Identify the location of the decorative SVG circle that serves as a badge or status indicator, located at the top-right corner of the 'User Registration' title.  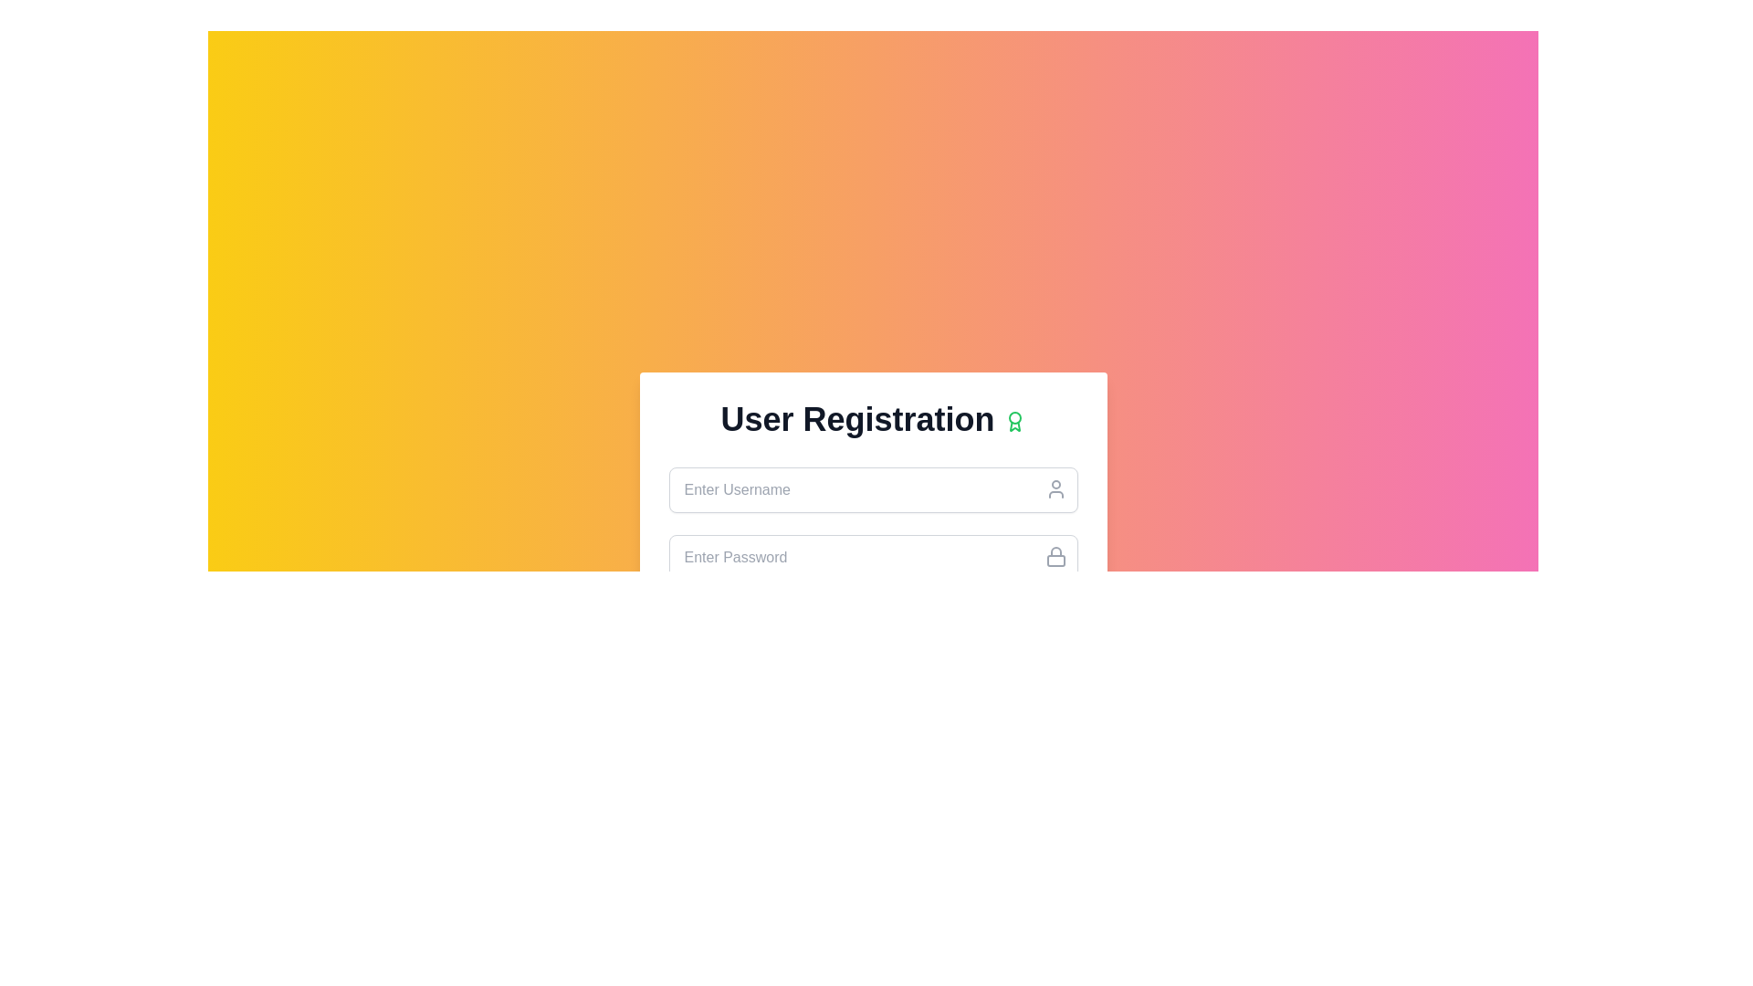
(1013, 418).